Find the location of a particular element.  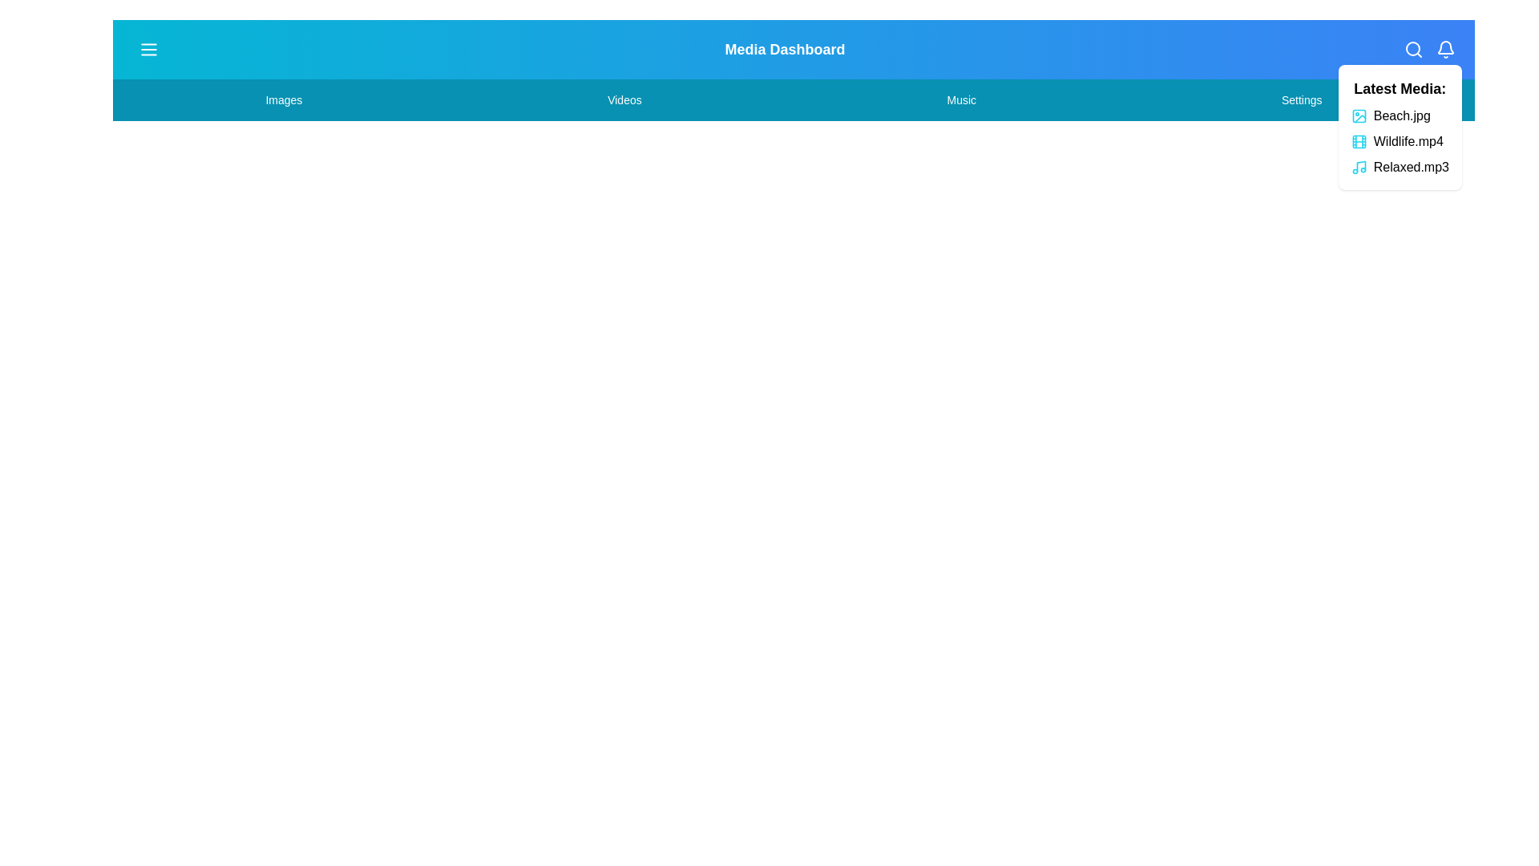

the bell icon to toggle the media panel visibility is located at coordinates (1446, 48).